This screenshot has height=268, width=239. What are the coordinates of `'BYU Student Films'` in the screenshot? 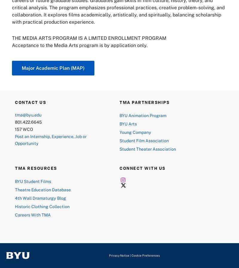 It's located at (33, 181).